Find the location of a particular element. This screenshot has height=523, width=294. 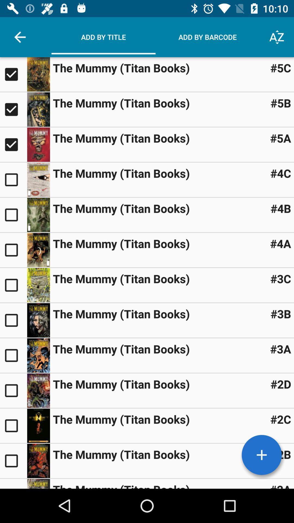

check box is located at coordinates (13, 460).